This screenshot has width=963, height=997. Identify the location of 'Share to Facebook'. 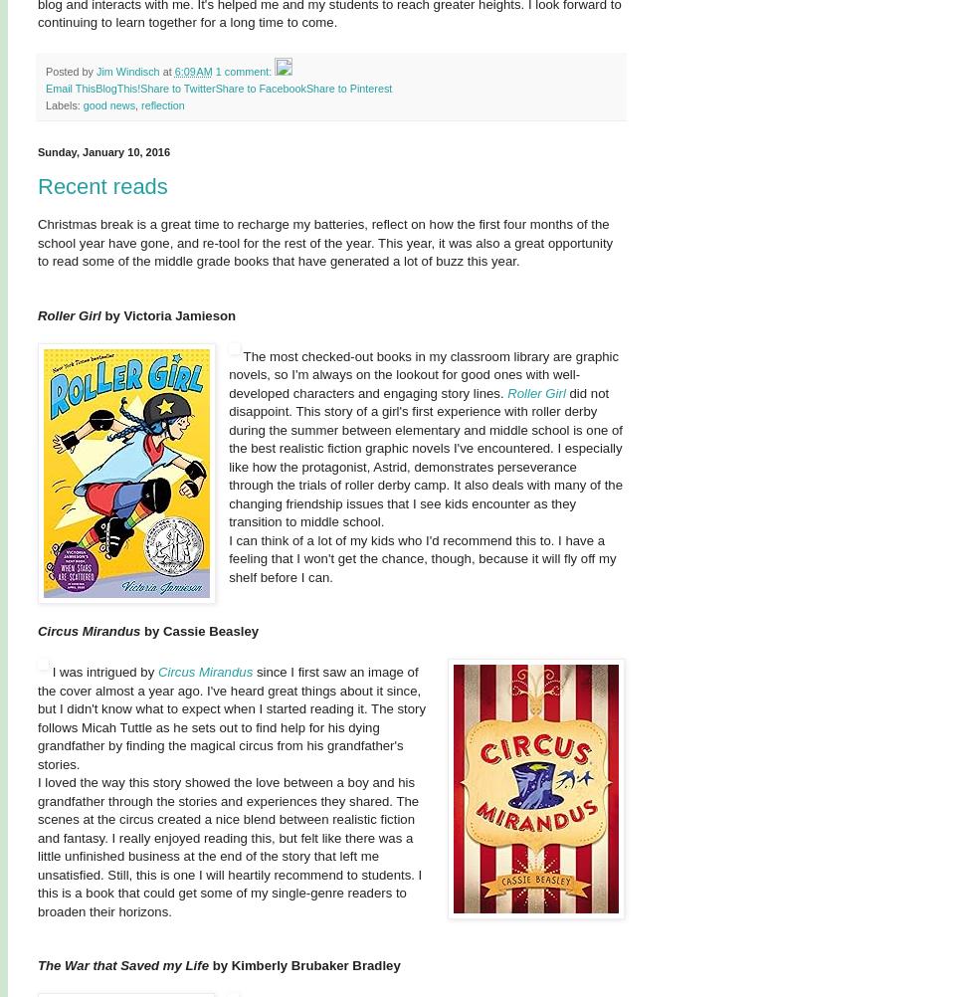
(260, 87).